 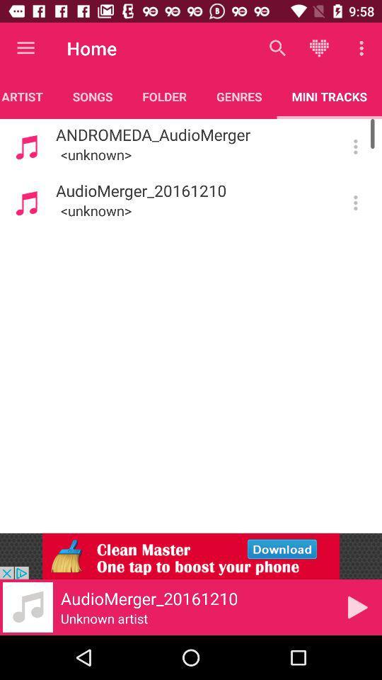 I want to click on options, so click(x=354, y=202).